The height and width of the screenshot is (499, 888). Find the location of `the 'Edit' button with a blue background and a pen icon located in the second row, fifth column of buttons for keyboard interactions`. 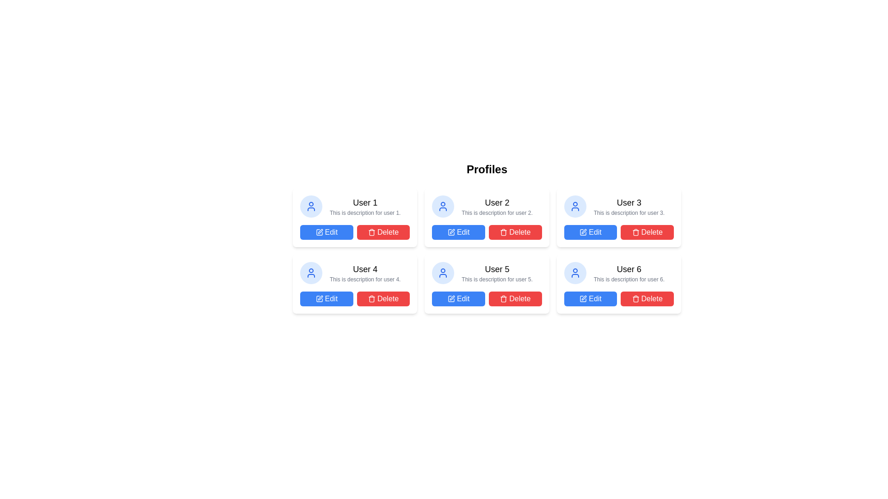

the 'Edit' button with a blue background and a pen icon located in the second row, fifth column of buttons for keyboard interactions is located at coordinates (458, 299).